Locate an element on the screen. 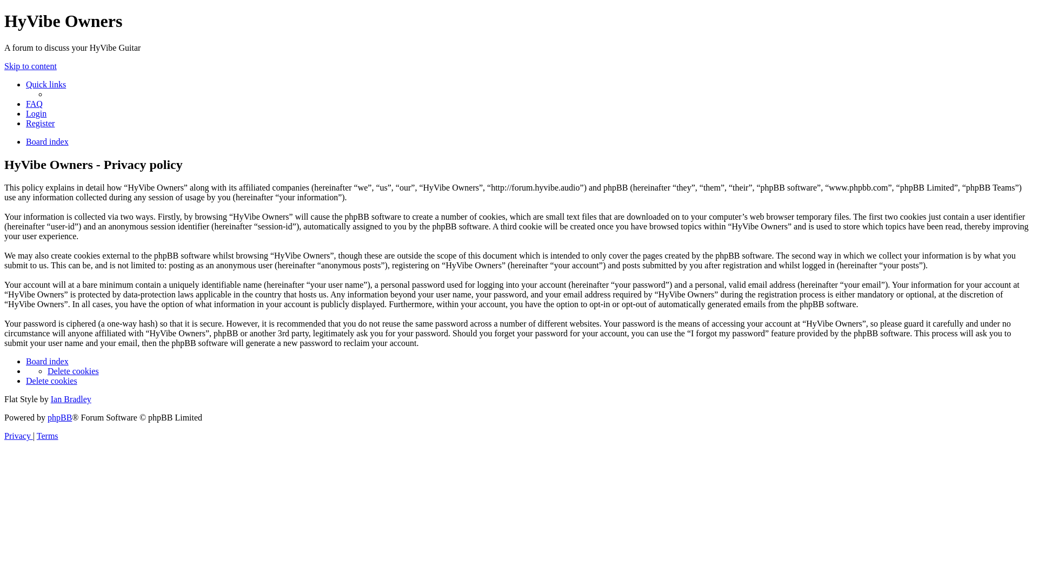  'Board index' is located at coordinates (46, 361).